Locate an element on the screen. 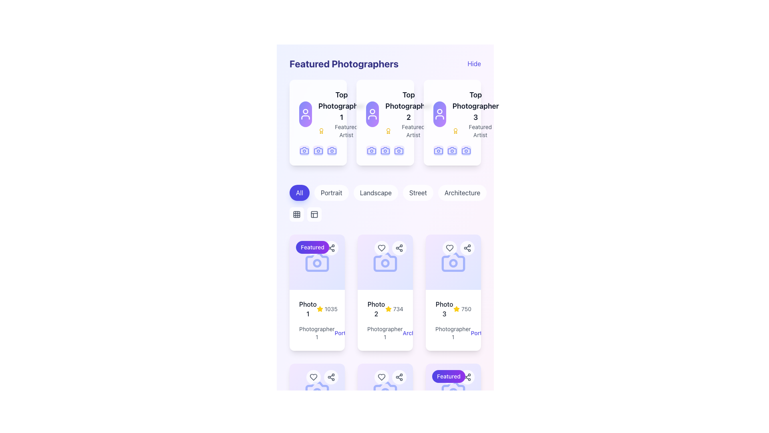 This screenshot has width=769, height=433. the heart-shaped icon, which is gray and outlined in a minimalist design, located in the top right corner of the card in the second row and third column of the grid layout is located at coordinates (381, 377).